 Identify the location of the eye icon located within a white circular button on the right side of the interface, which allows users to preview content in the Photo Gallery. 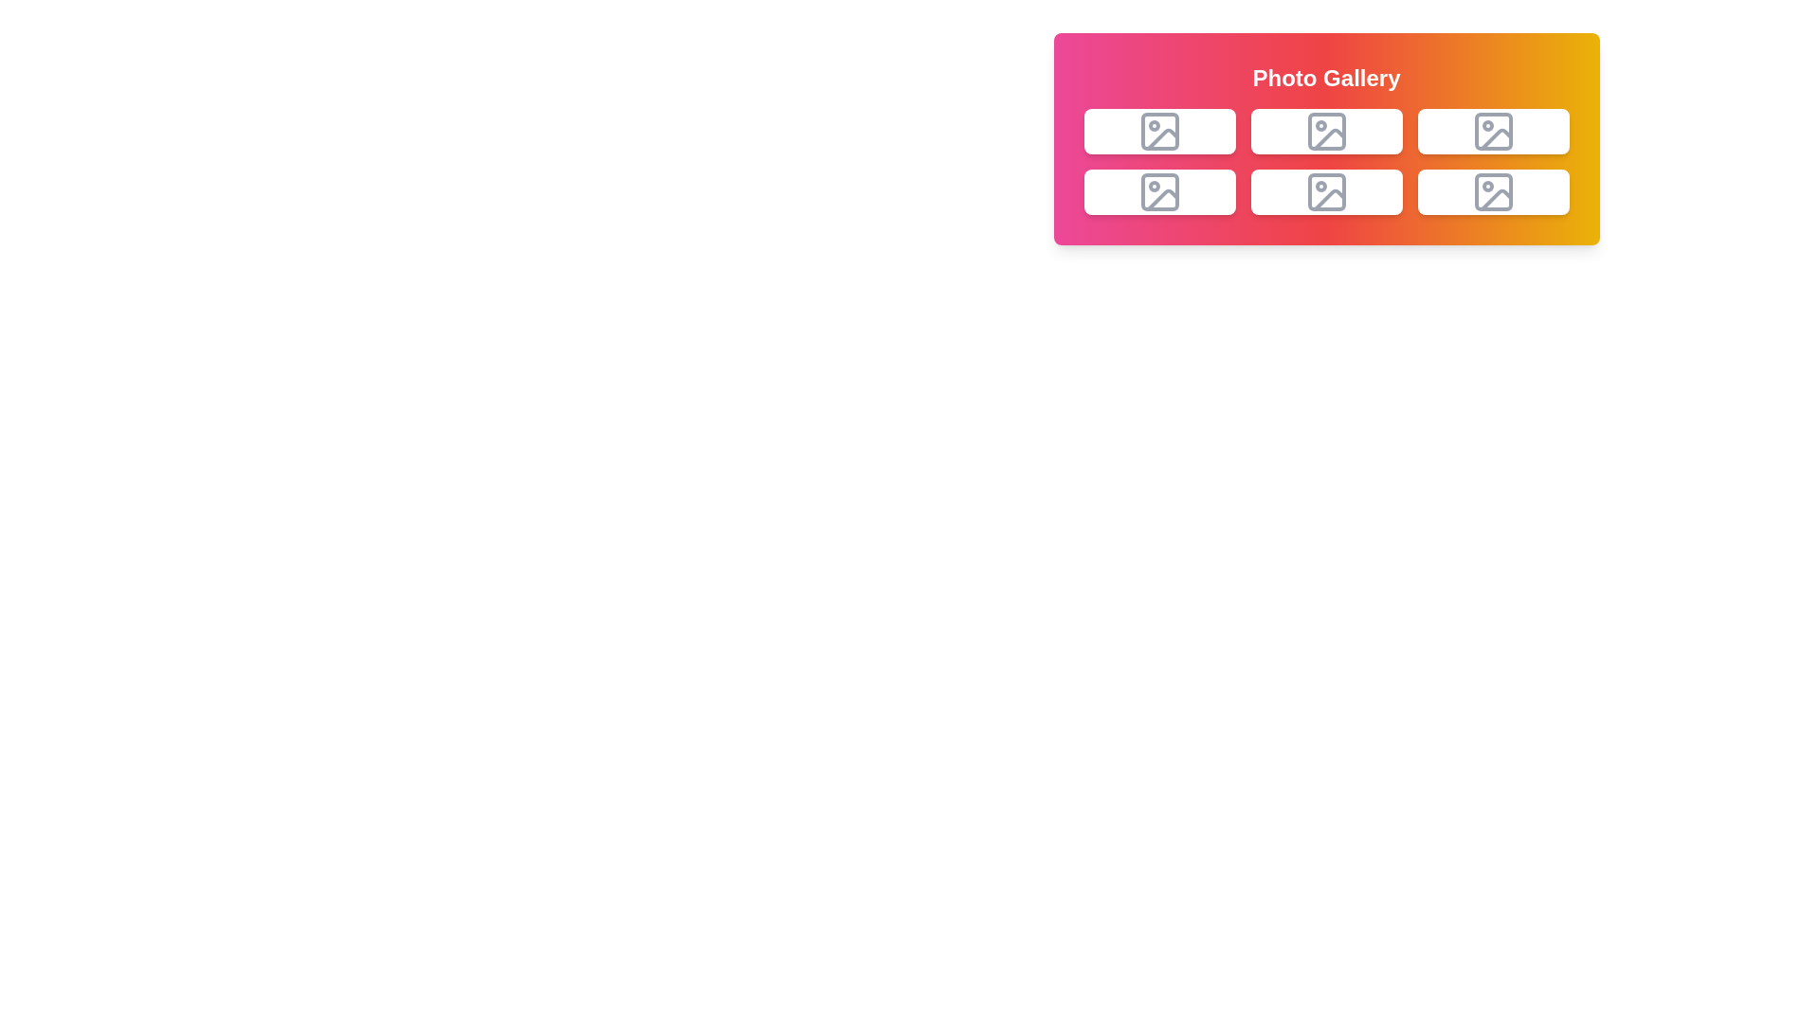
(1135, 192).